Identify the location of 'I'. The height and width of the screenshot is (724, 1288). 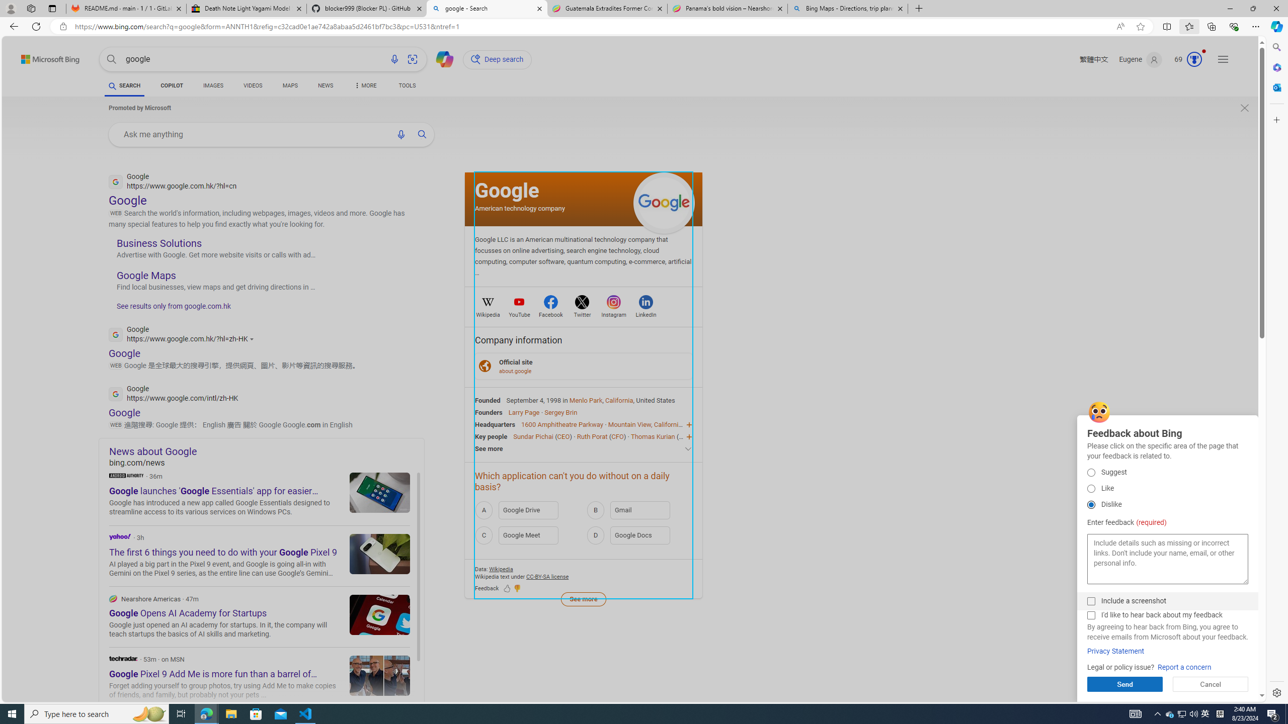
(1091, 615).